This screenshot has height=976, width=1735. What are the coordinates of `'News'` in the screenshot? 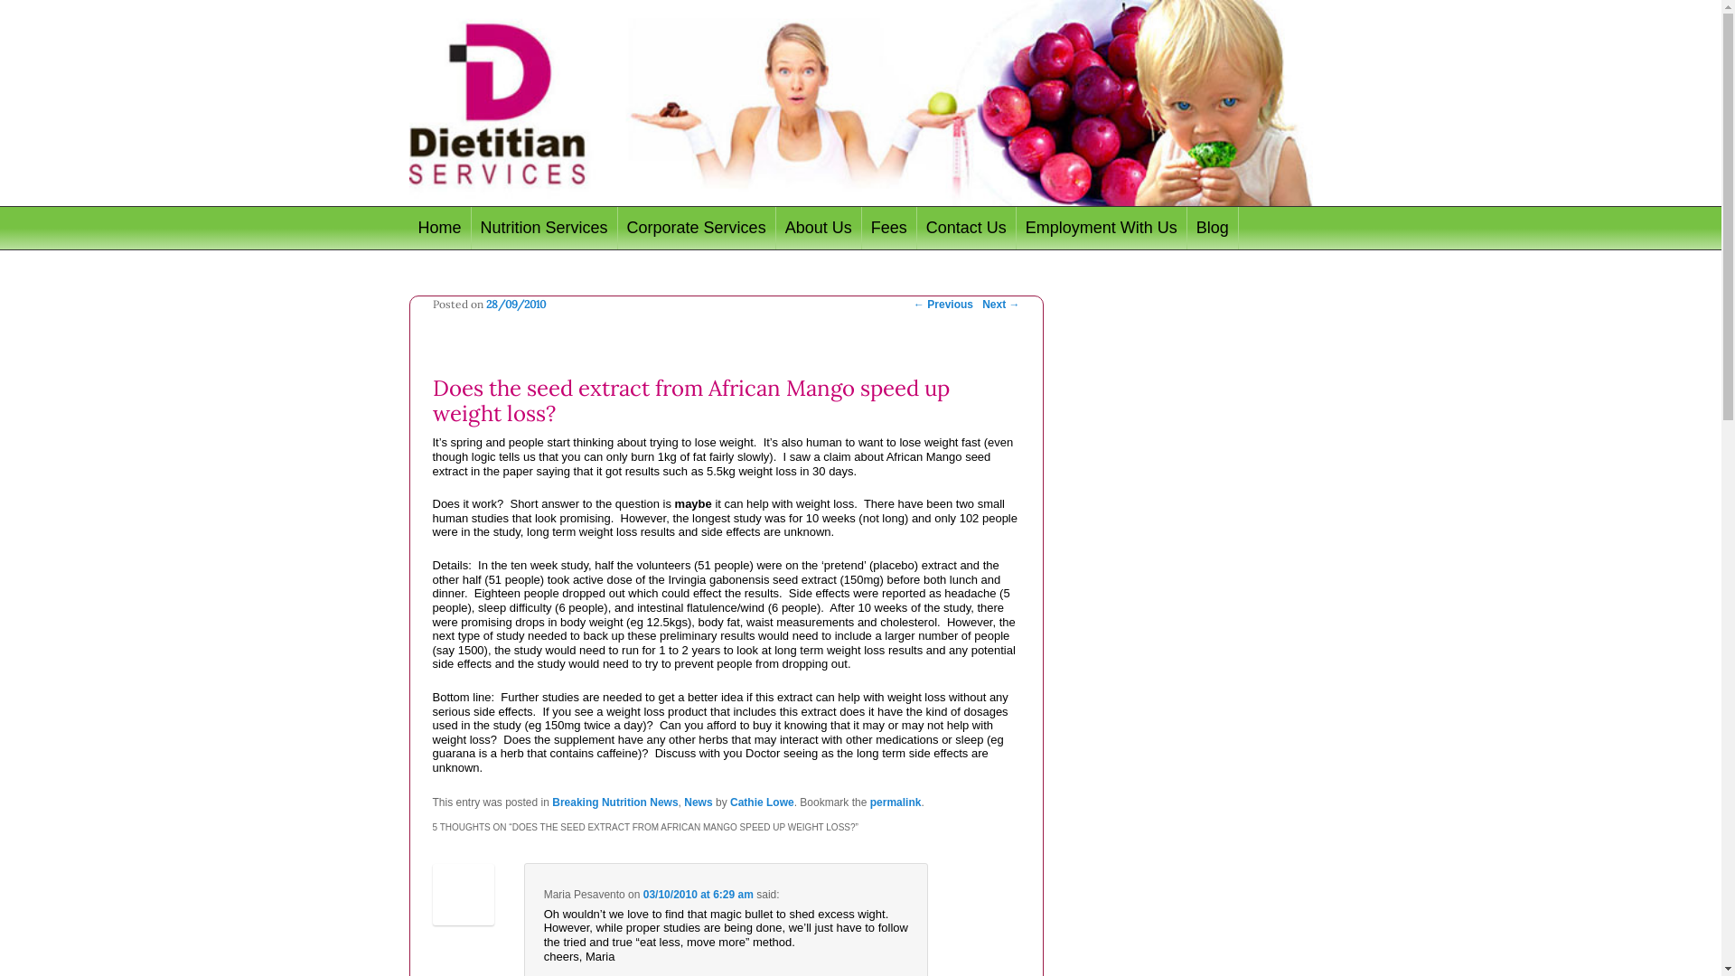 It's located at (697, 801).